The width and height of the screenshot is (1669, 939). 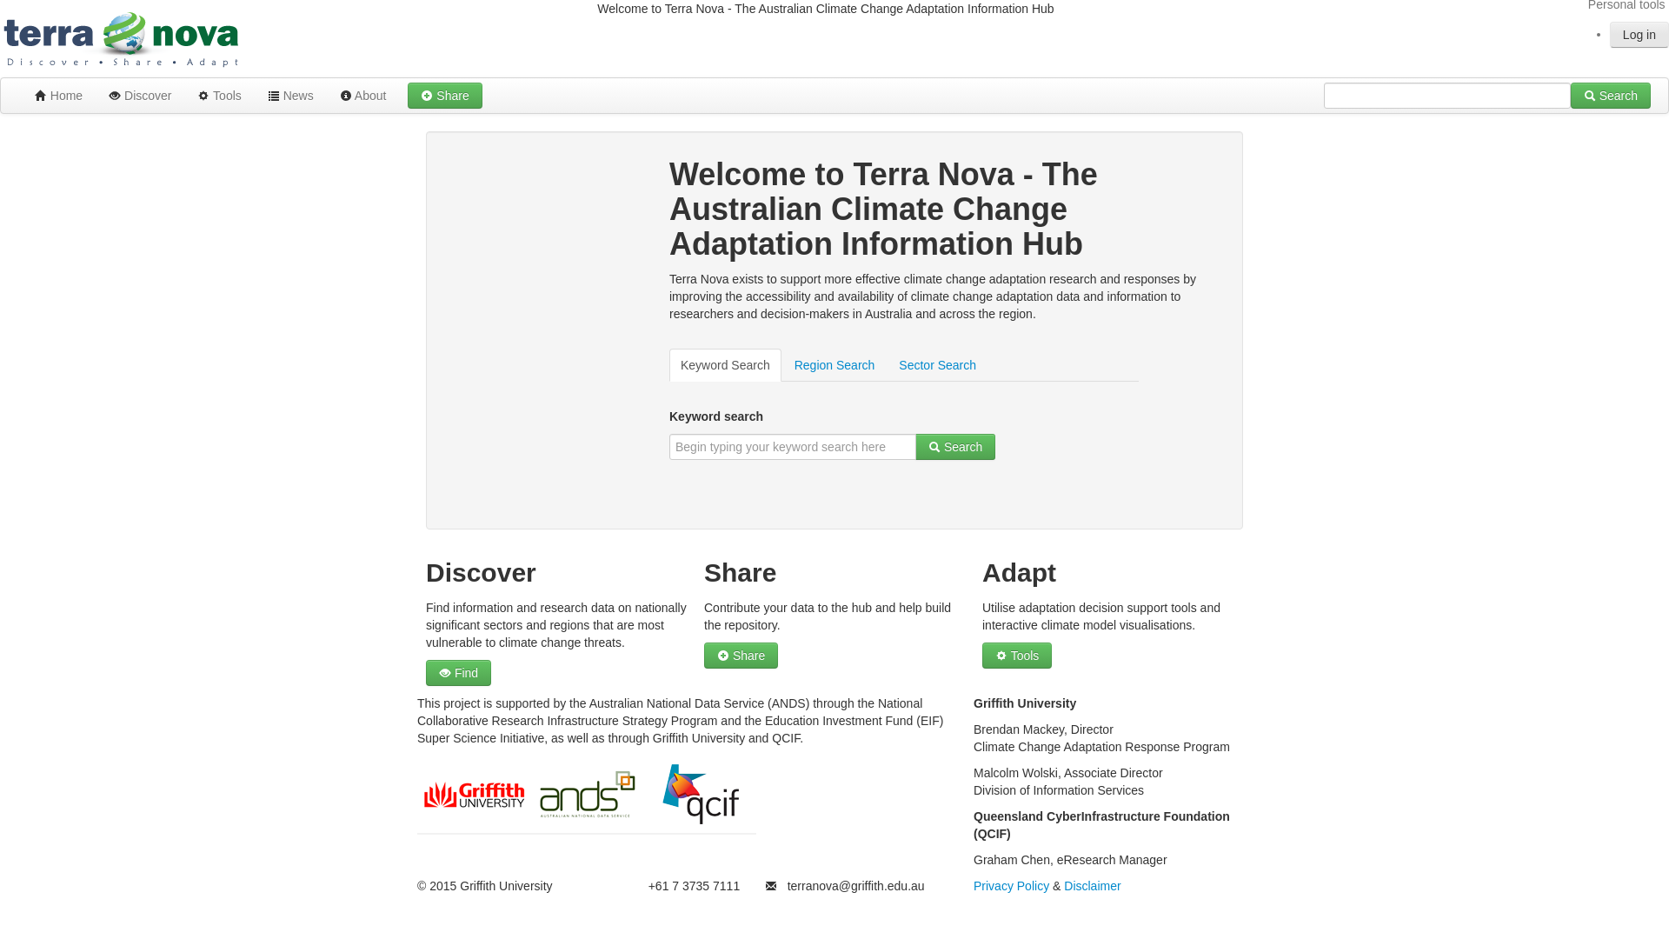 I want to click on 'Region Search', so click(x=782, y=364).